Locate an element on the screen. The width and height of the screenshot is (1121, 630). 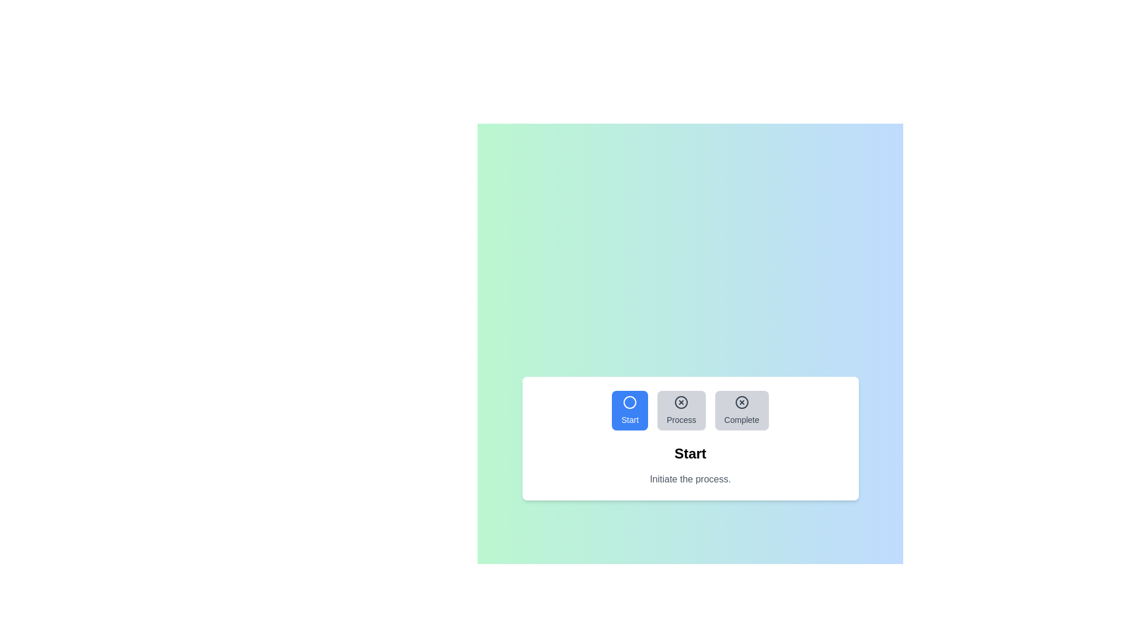
the 'Process' button, which is a rectangular button with rounded corners, light gray background, and dark gray text is located at coordinates (681, 410).